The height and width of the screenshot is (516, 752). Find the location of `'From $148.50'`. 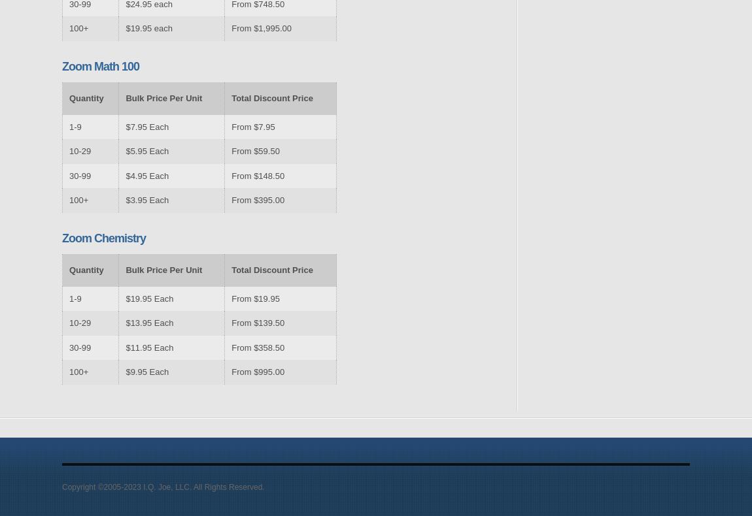

'From $148.50' is located at coordinates (258, 174).